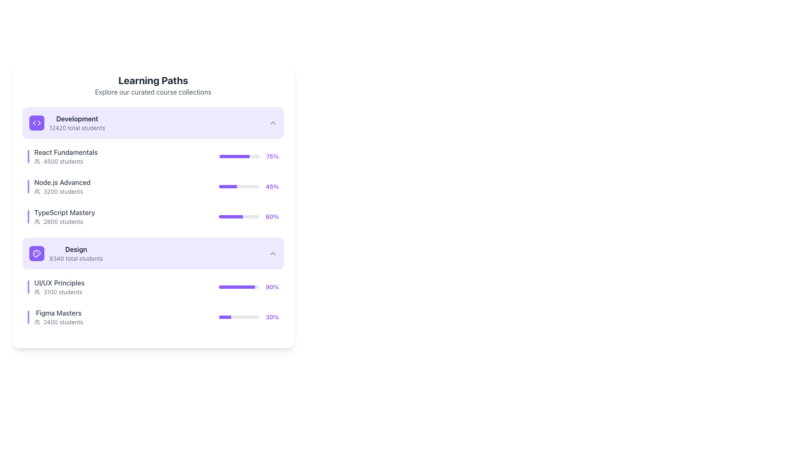  Describe the element at coordinates (248, 216) in the screenshot. I see `the progress indicator with a percentage label displaying '60%' for the 'TypeScript Mastery' course, located within the 'Development' section` at that location.